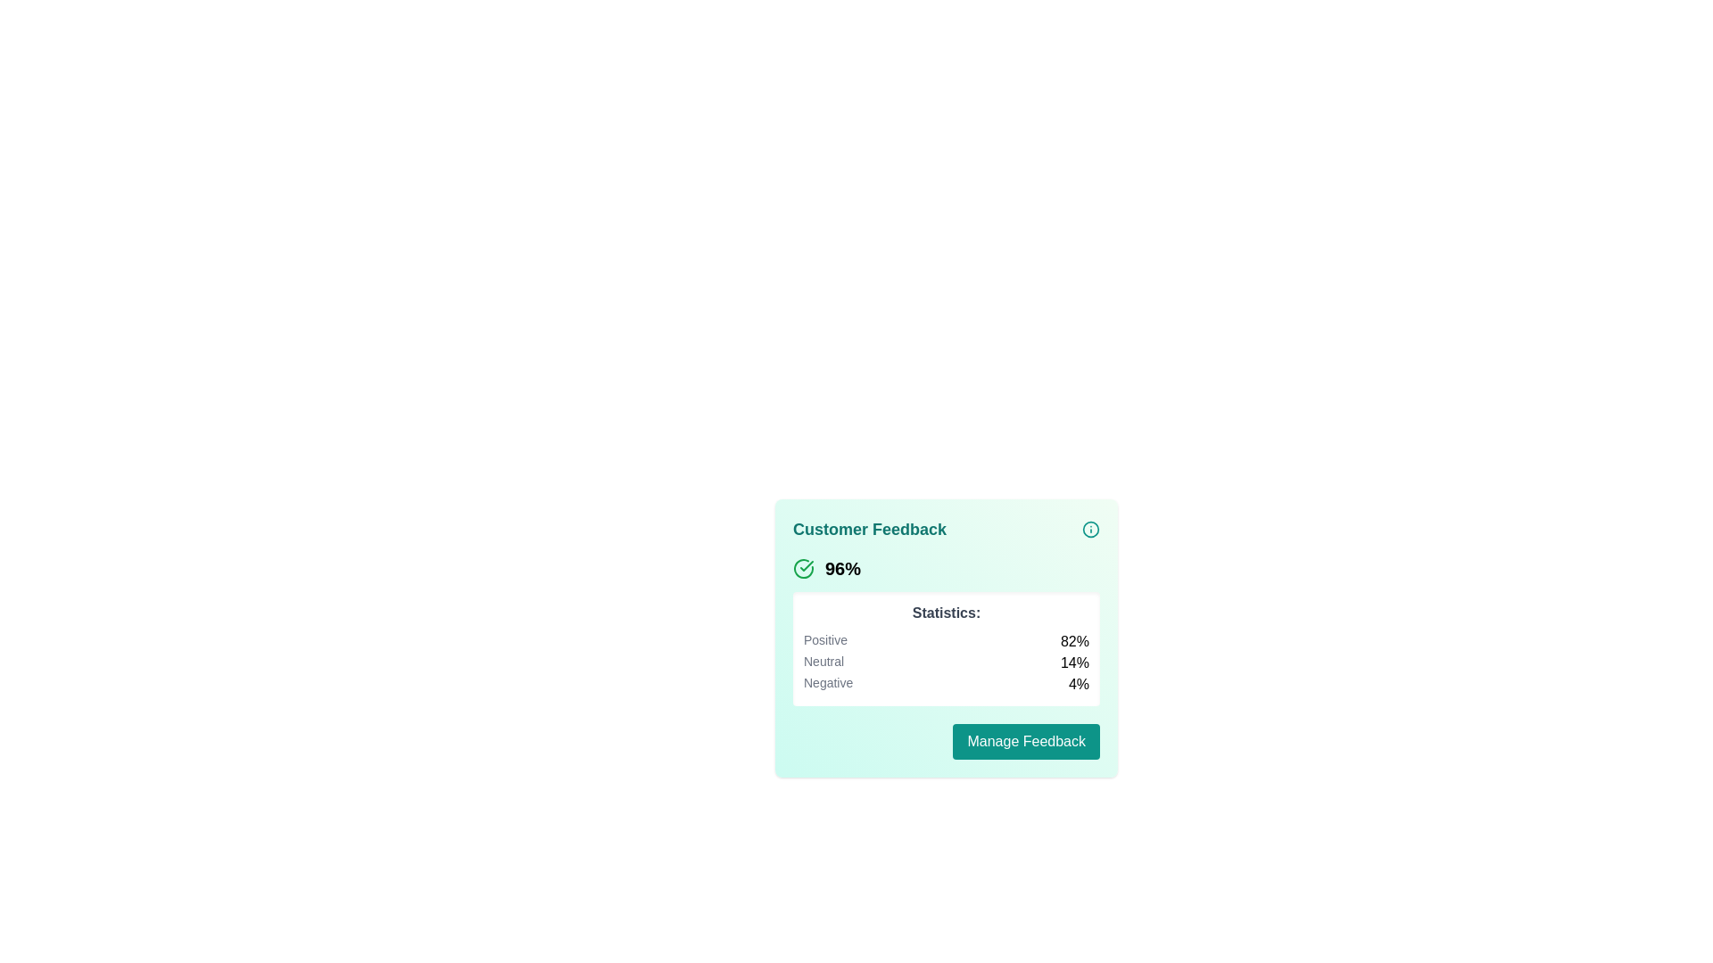 This screenshot has height=963, width=1713. What do you see at coordinates (842, 568) in the screenshot?
I see `the Text Label displaying a percentage value, located to the right of a circular check icon within a feedback statistics card layout` at bounding box center [842, 568].